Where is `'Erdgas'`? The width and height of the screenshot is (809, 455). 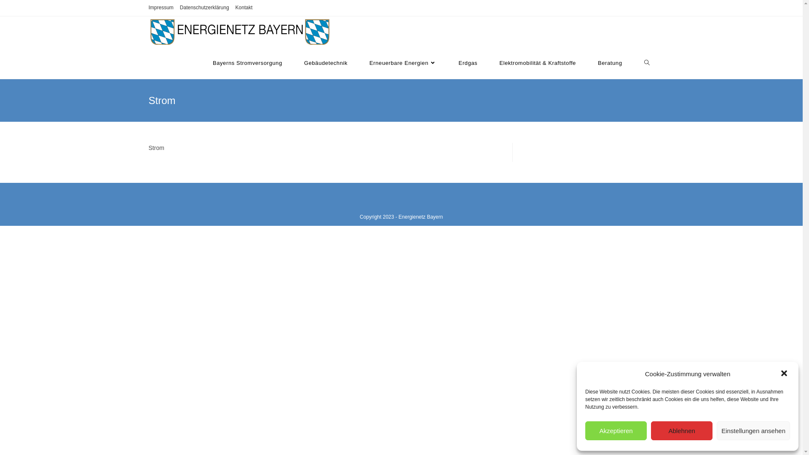 'Erdgas' is located at coordinates (467, 63).